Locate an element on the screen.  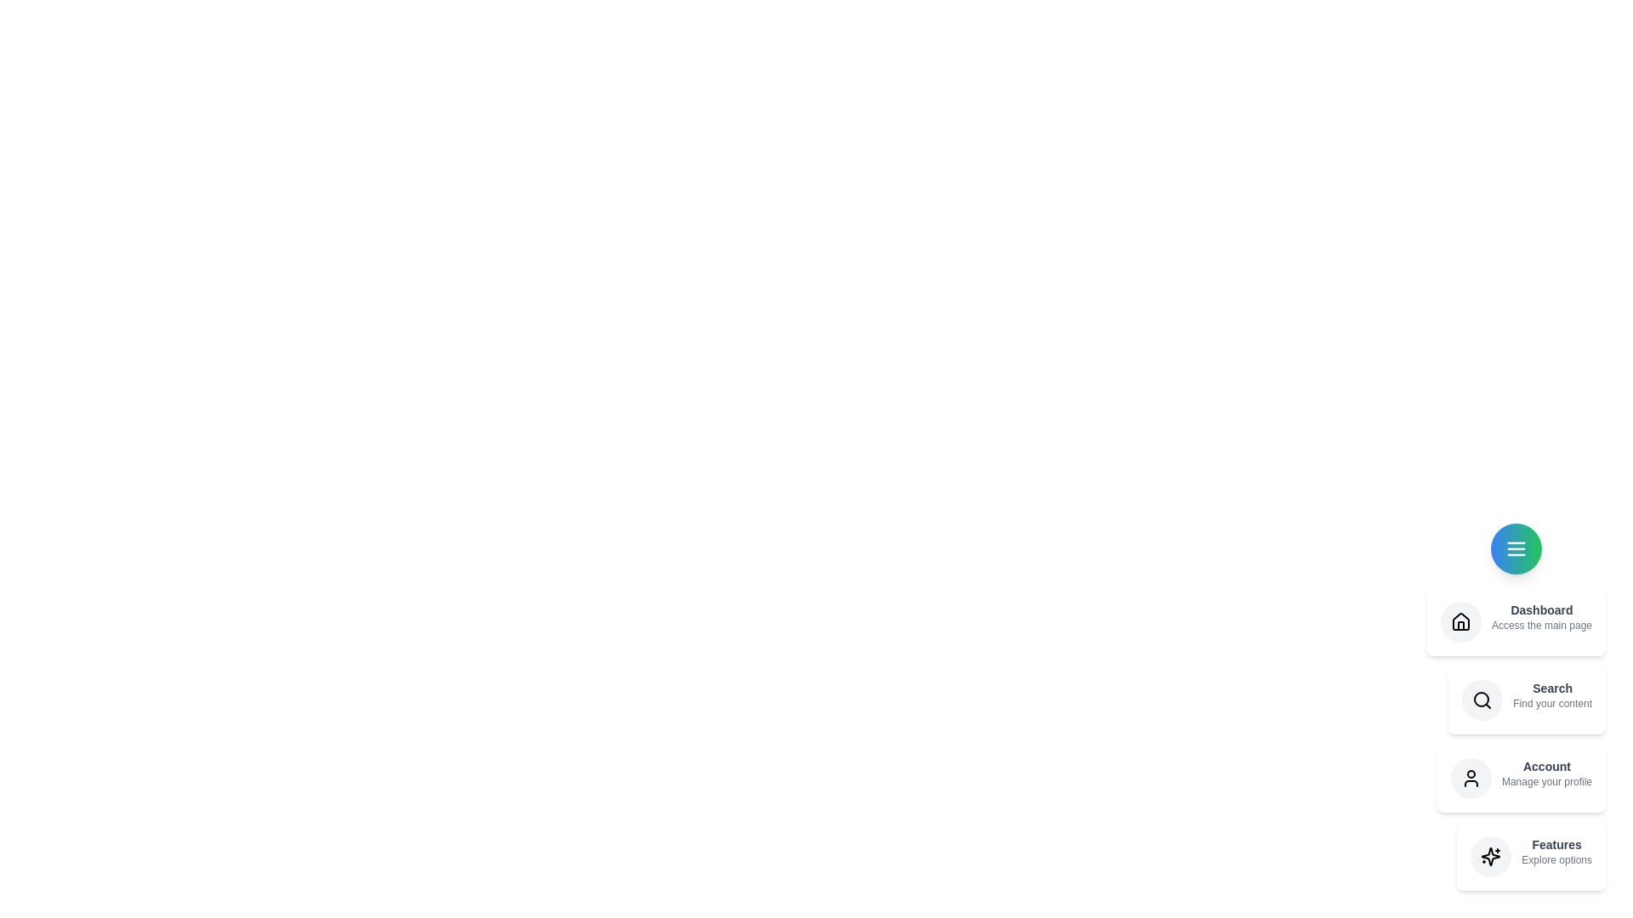
the icon corresponding to Dashboard in the speed dial menu is located at coordinates (1460, 622).